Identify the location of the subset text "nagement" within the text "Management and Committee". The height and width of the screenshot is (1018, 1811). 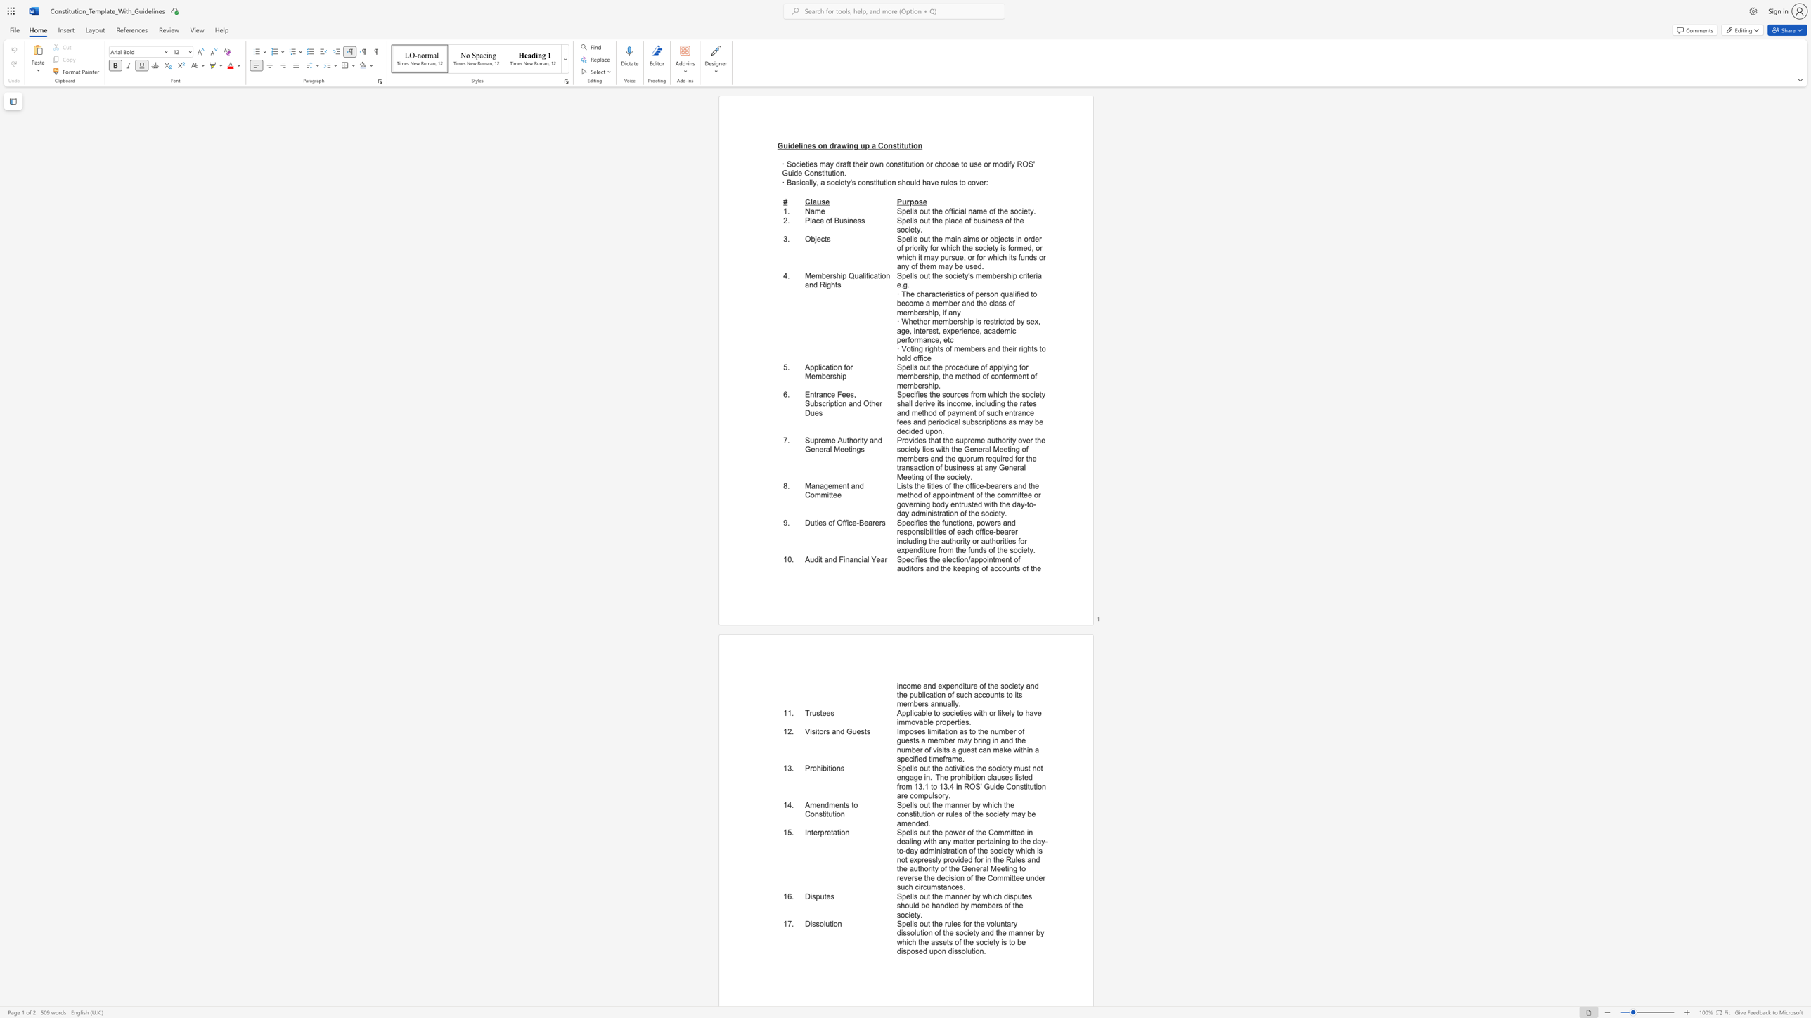
(815, 485).